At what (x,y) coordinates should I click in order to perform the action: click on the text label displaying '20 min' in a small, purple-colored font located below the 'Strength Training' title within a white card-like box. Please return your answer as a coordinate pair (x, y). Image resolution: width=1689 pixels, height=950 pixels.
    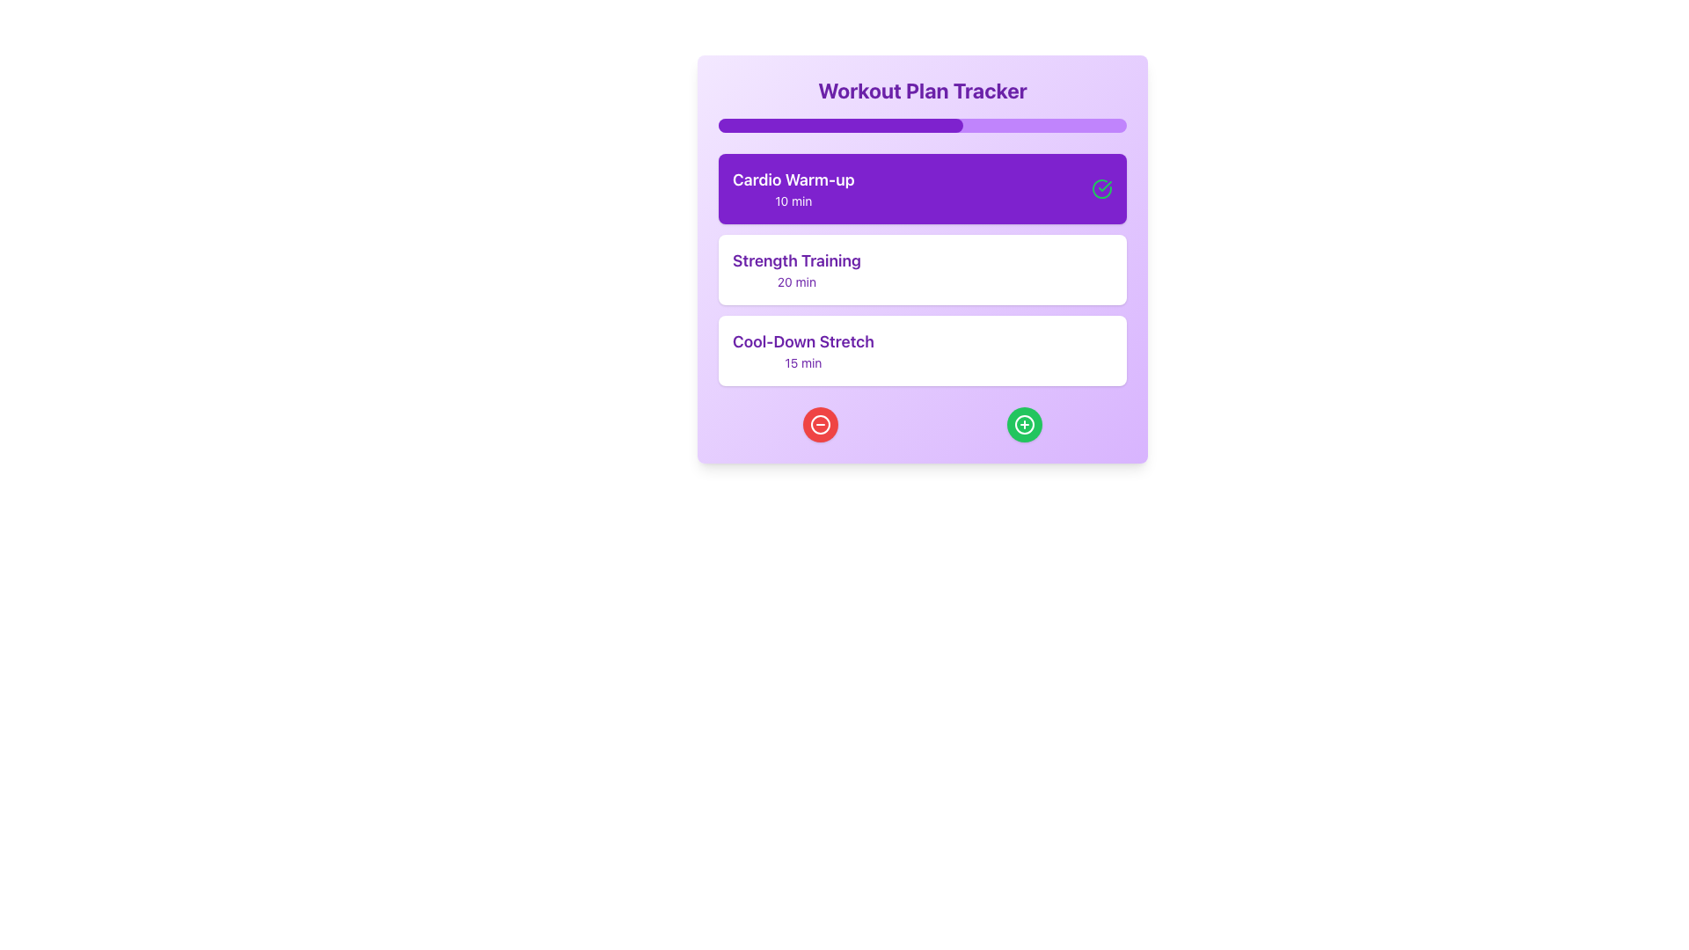
    Looking at the image, I should click on (795, 281).